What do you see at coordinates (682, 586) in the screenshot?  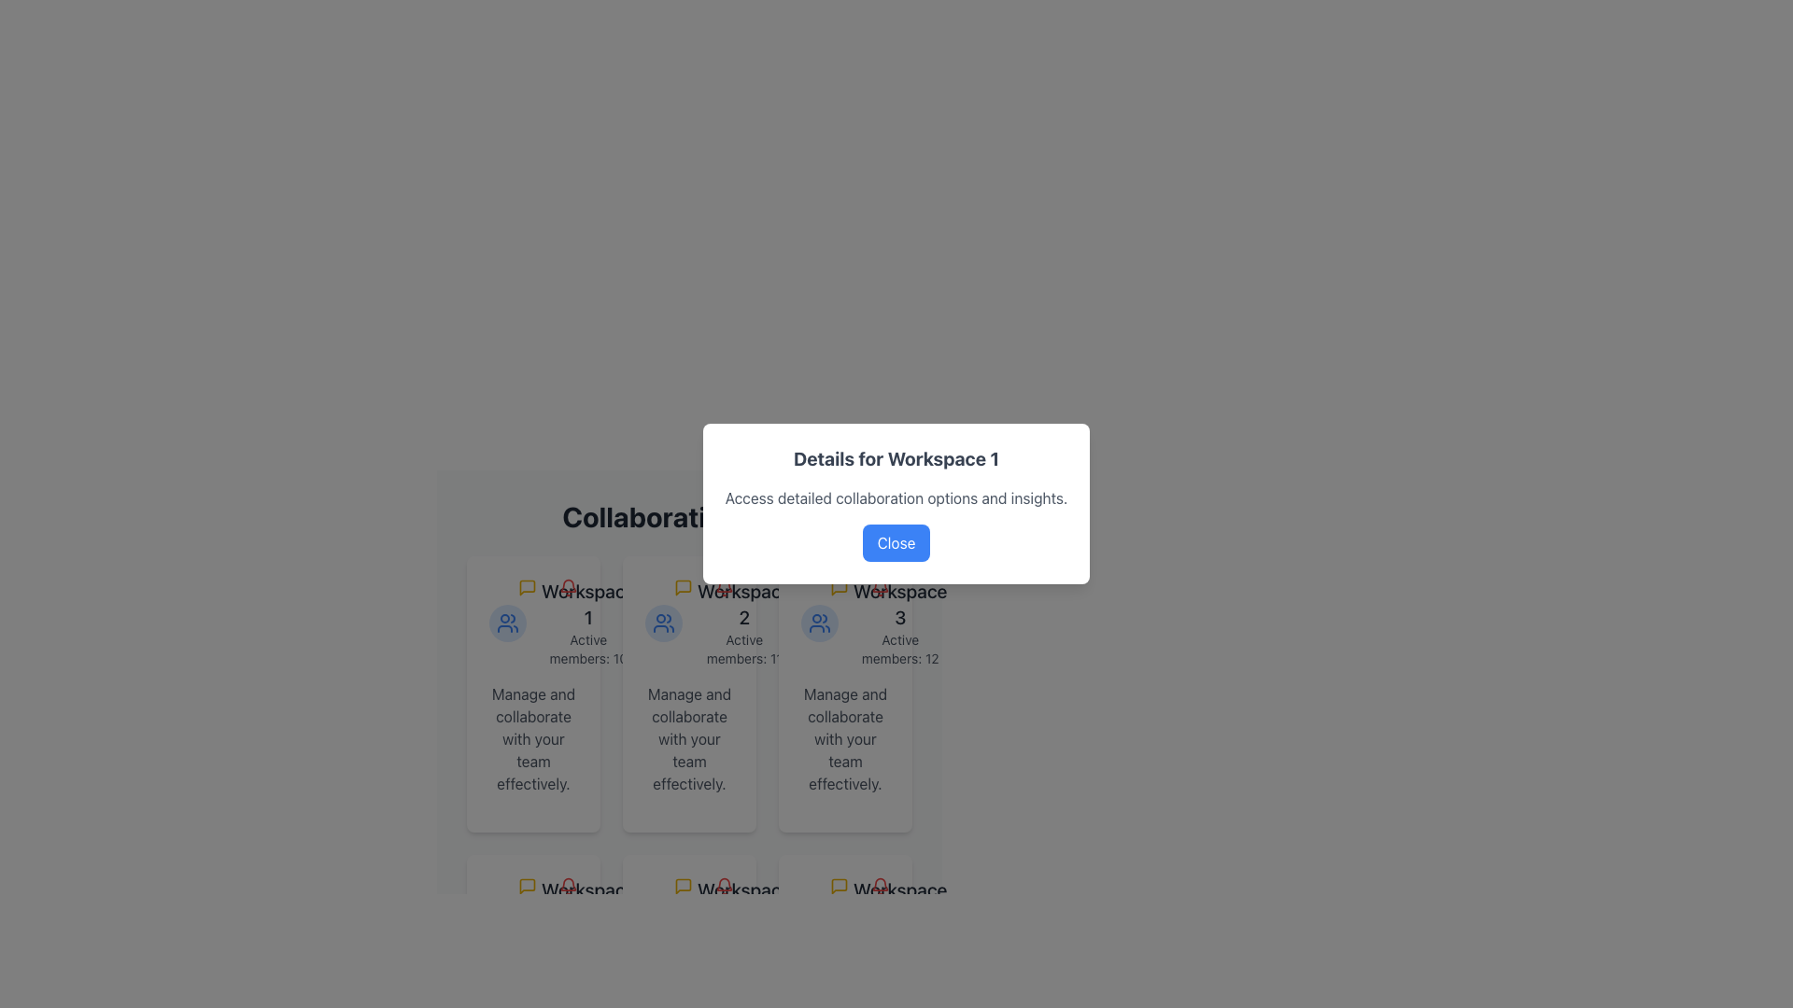 I see `the communication icon located in the first workspace card of the top row` at bounding box center [682, 586].